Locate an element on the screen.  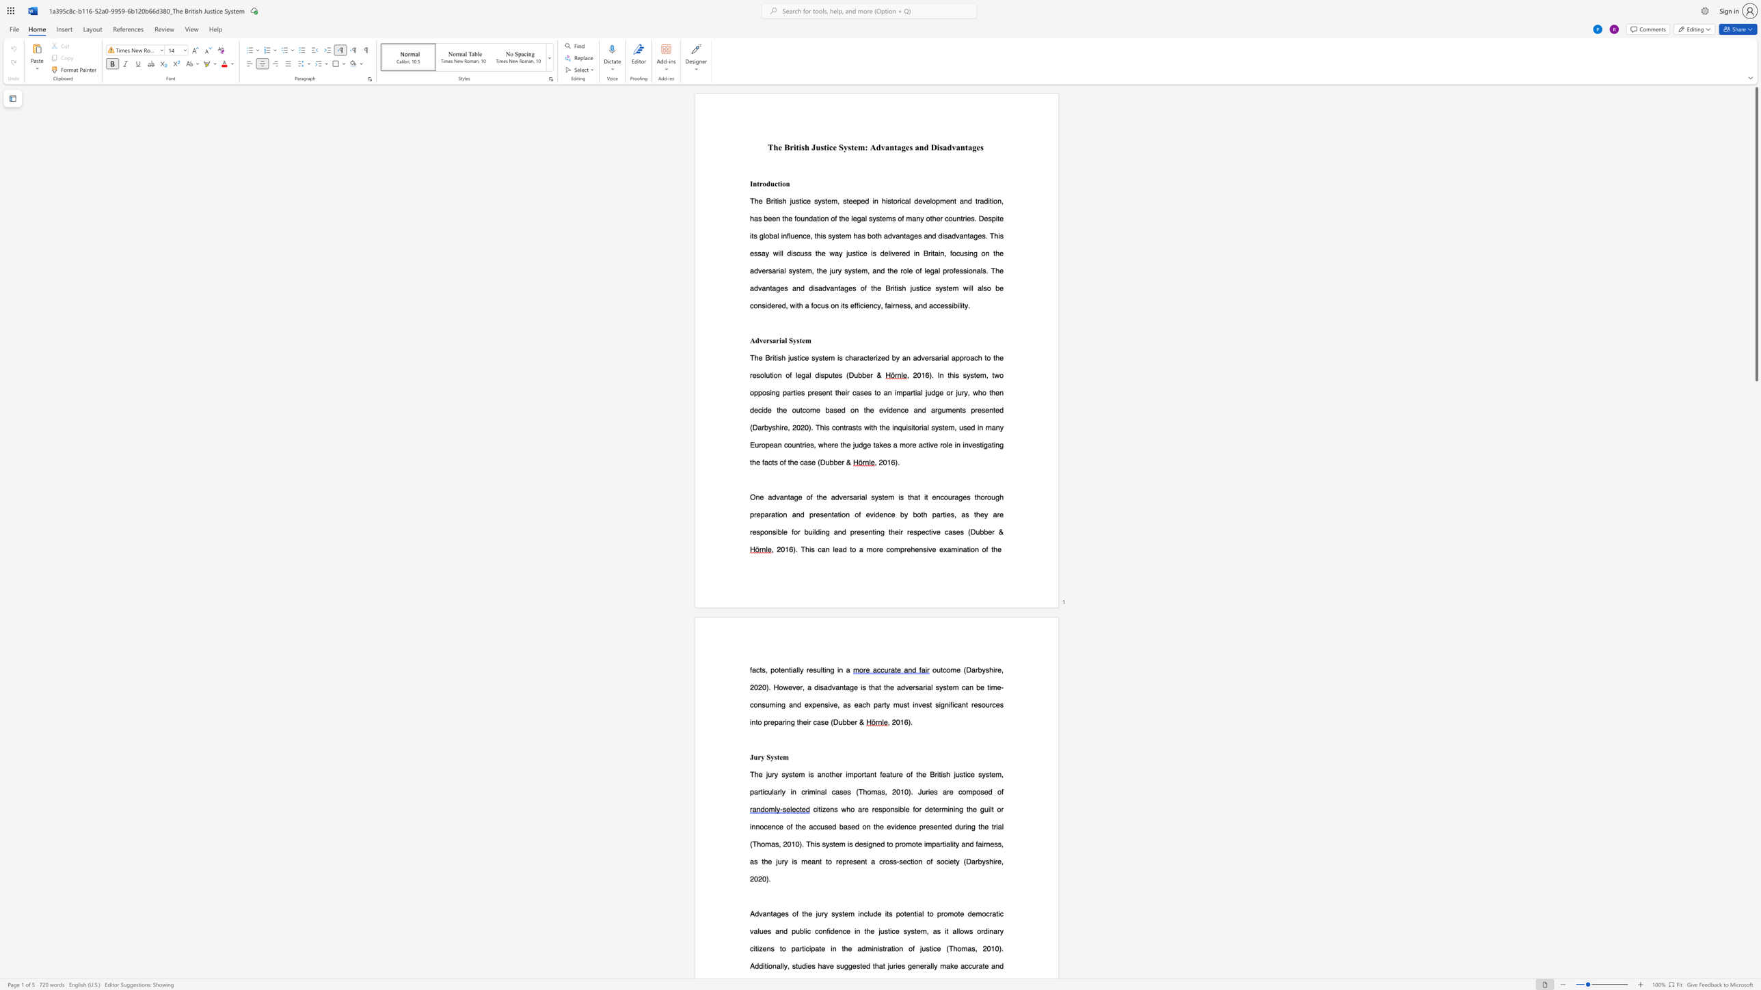
the subset text "r &" within the text "(Dubber &" is located at coordinates (991, 531).